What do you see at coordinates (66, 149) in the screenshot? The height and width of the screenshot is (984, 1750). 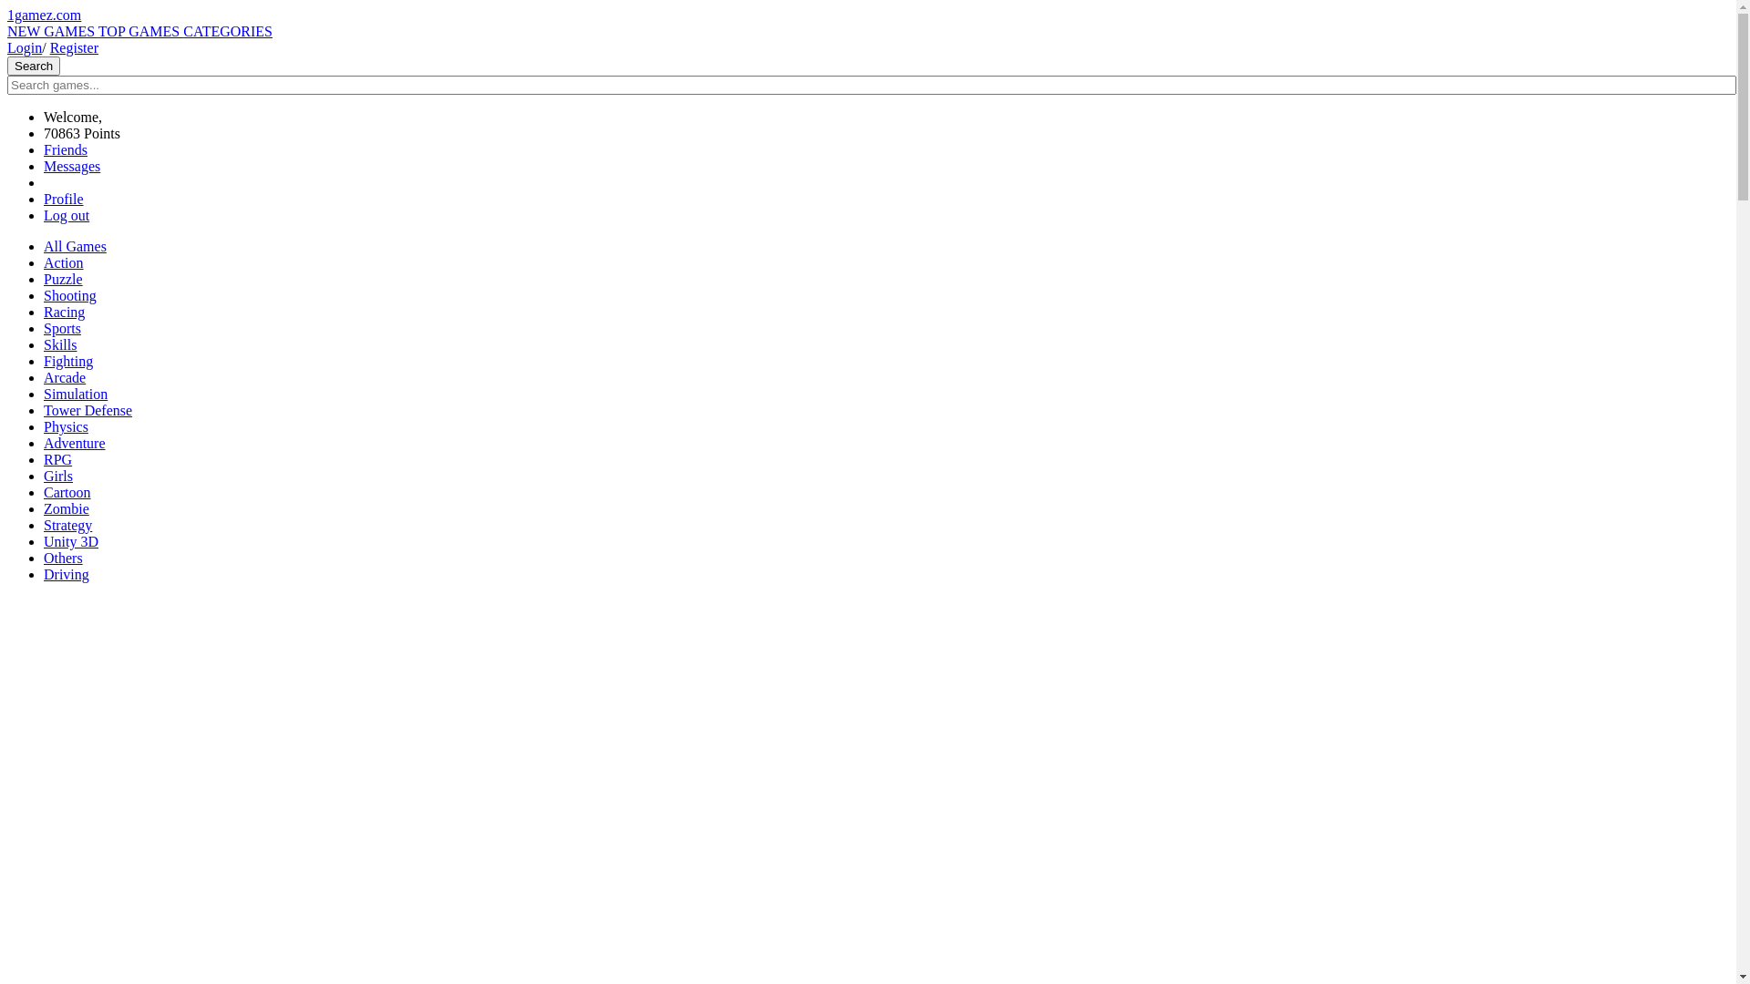 I see `'Friends'` at bounding box center [66, 149].